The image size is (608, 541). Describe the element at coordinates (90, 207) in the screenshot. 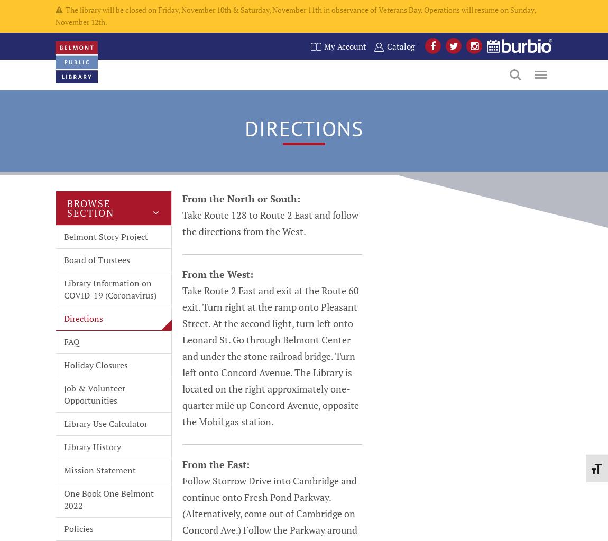

I see `'Browse Section'` at that location.